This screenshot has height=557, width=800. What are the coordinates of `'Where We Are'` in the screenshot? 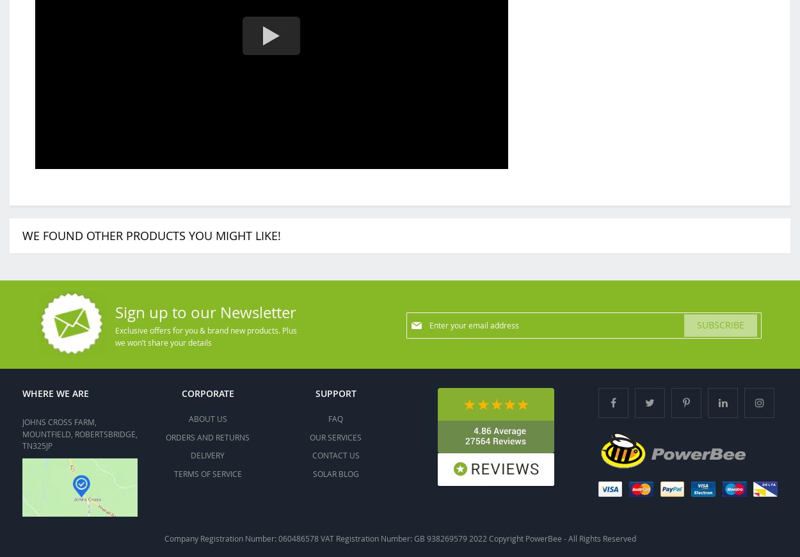 It's located at (55, 392).